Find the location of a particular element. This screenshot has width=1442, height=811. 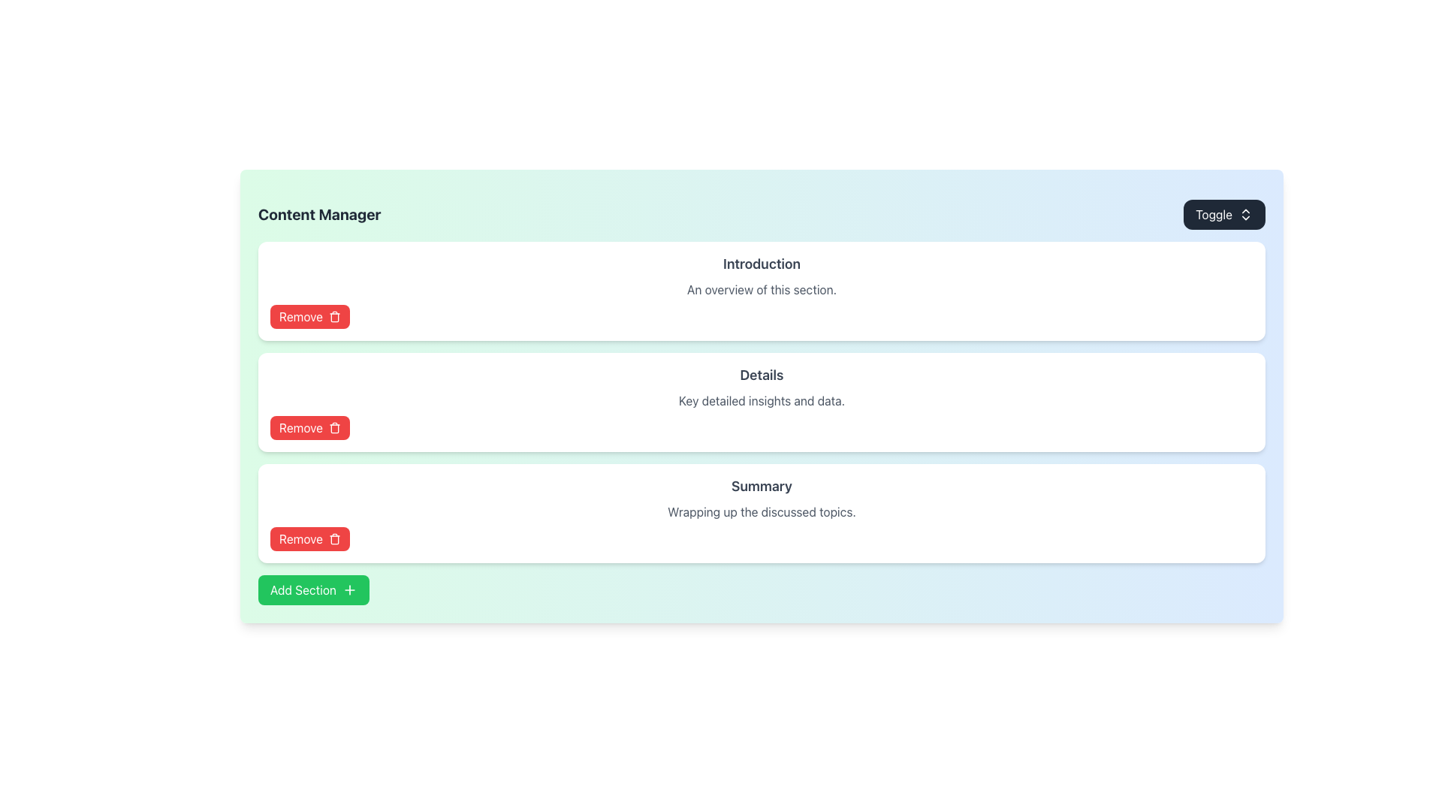

the trash can icon located on the right side of the text within the third 'Remove' button is located at coordinates (334, 428).